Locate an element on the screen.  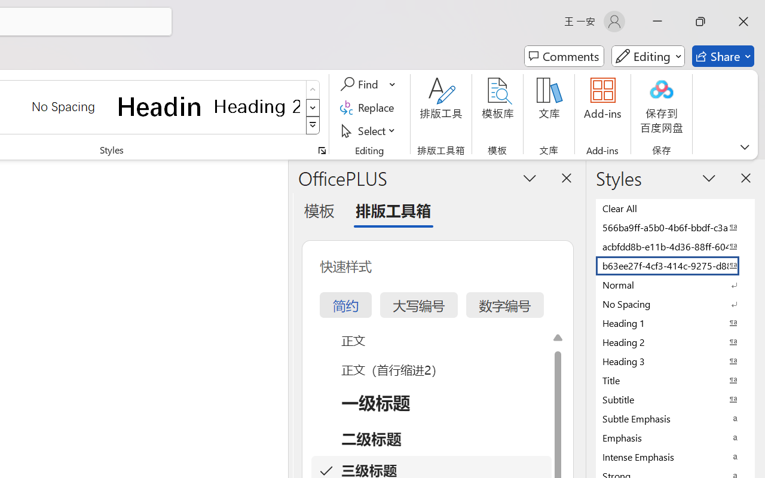
'Replace...' is located at coordinates (368, 107).